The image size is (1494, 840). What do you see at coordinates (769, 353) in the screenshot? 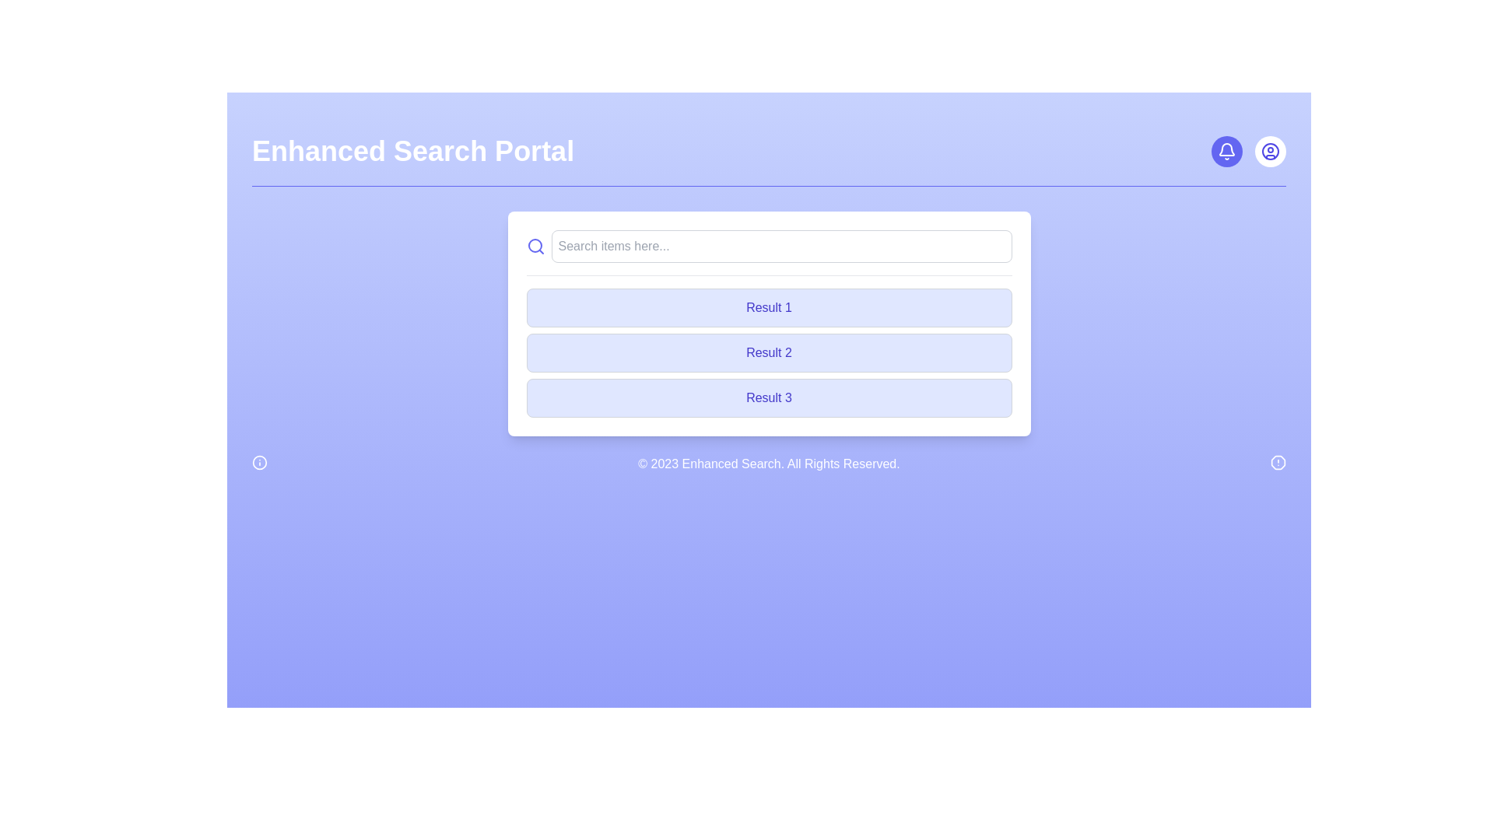
I see `the button labeled 'Result 2', which is the second button in a vertical stack of three buttons on a white card` at bounding box center [769, 353].